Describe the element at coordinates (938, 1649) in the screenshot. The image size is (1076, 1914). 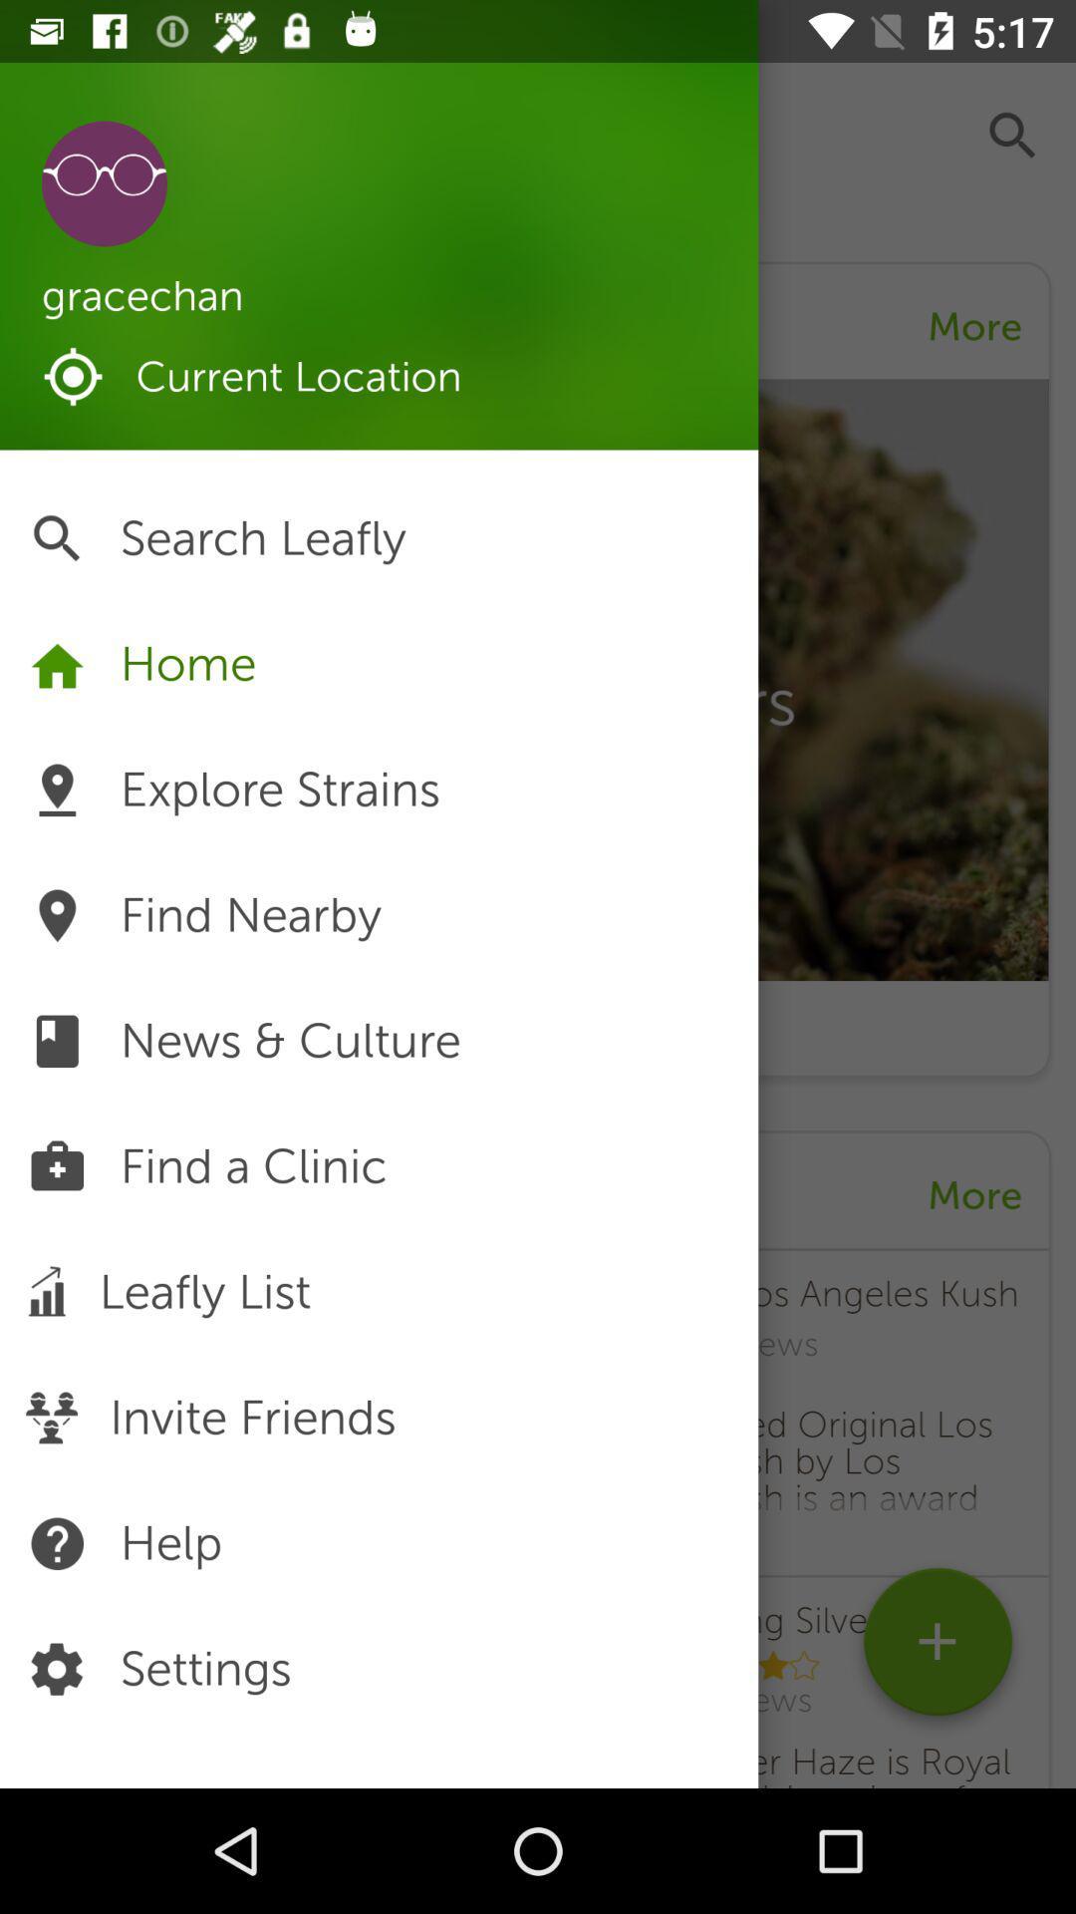
I see `the add icon` at that location.